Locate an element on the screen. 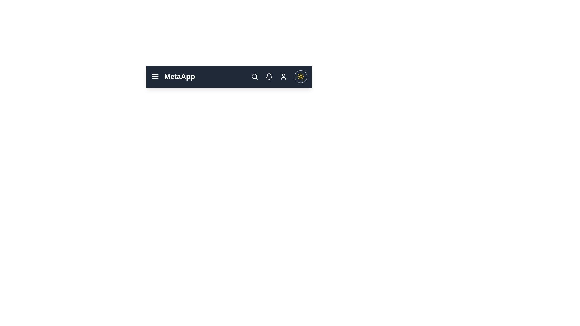  the menu icon to open the menu is located at coordinates (155, 76).